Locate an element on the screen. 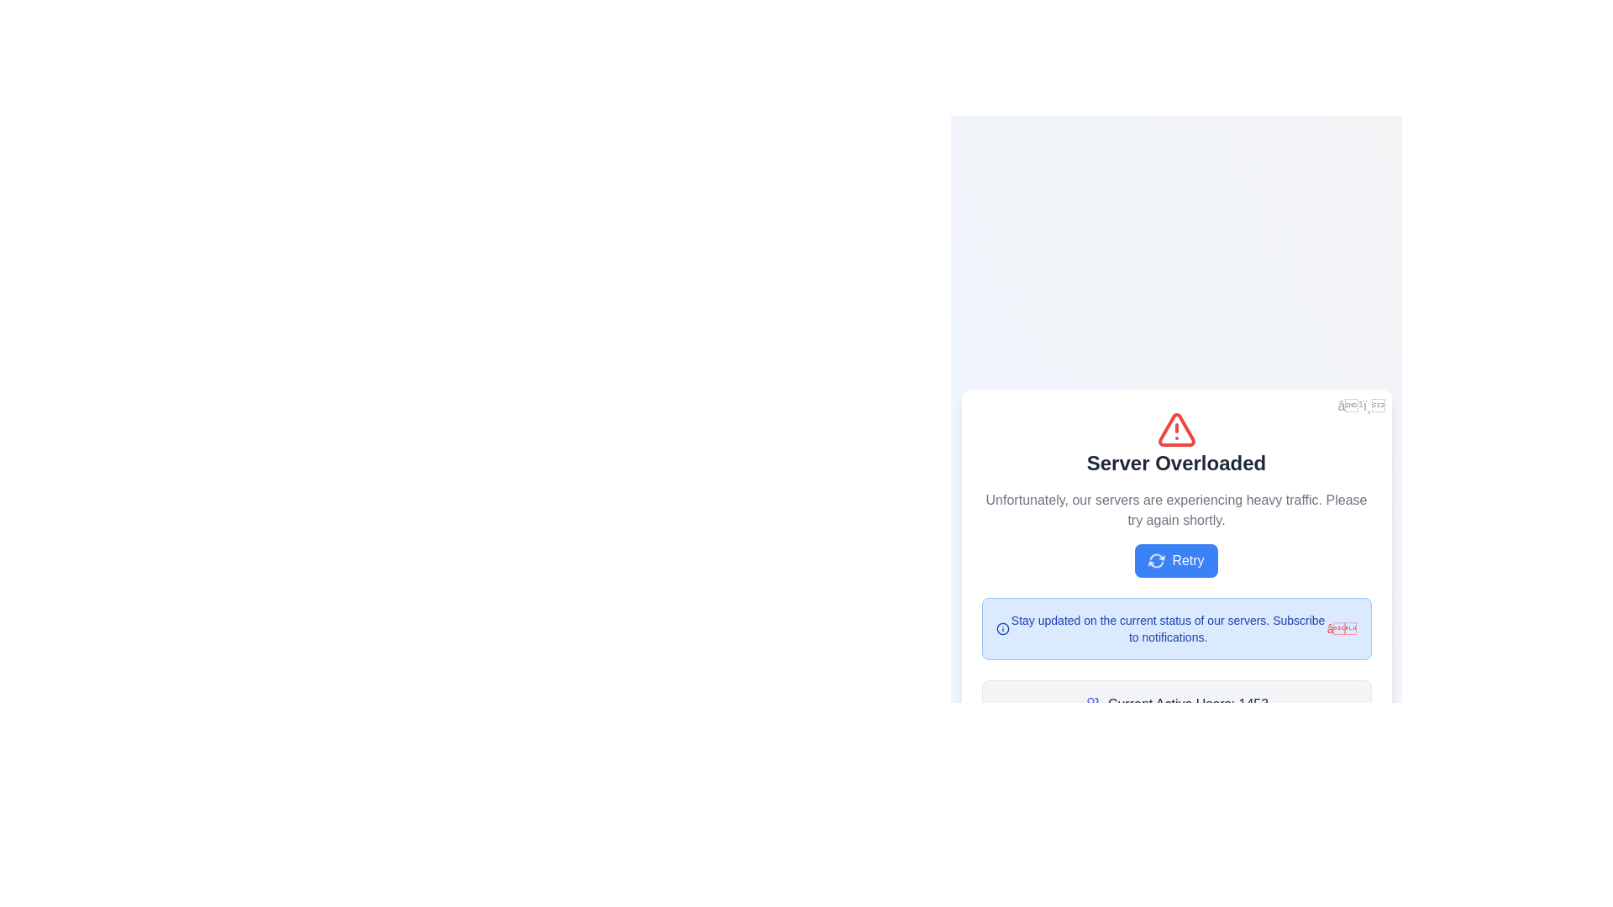 The image size is (1613, 907). the spinning animation of the circular refresh icon located on the left side of the 'Retry' button in the notification card with the message 'Server Overloaded' is located at coordinates (1156, 560).